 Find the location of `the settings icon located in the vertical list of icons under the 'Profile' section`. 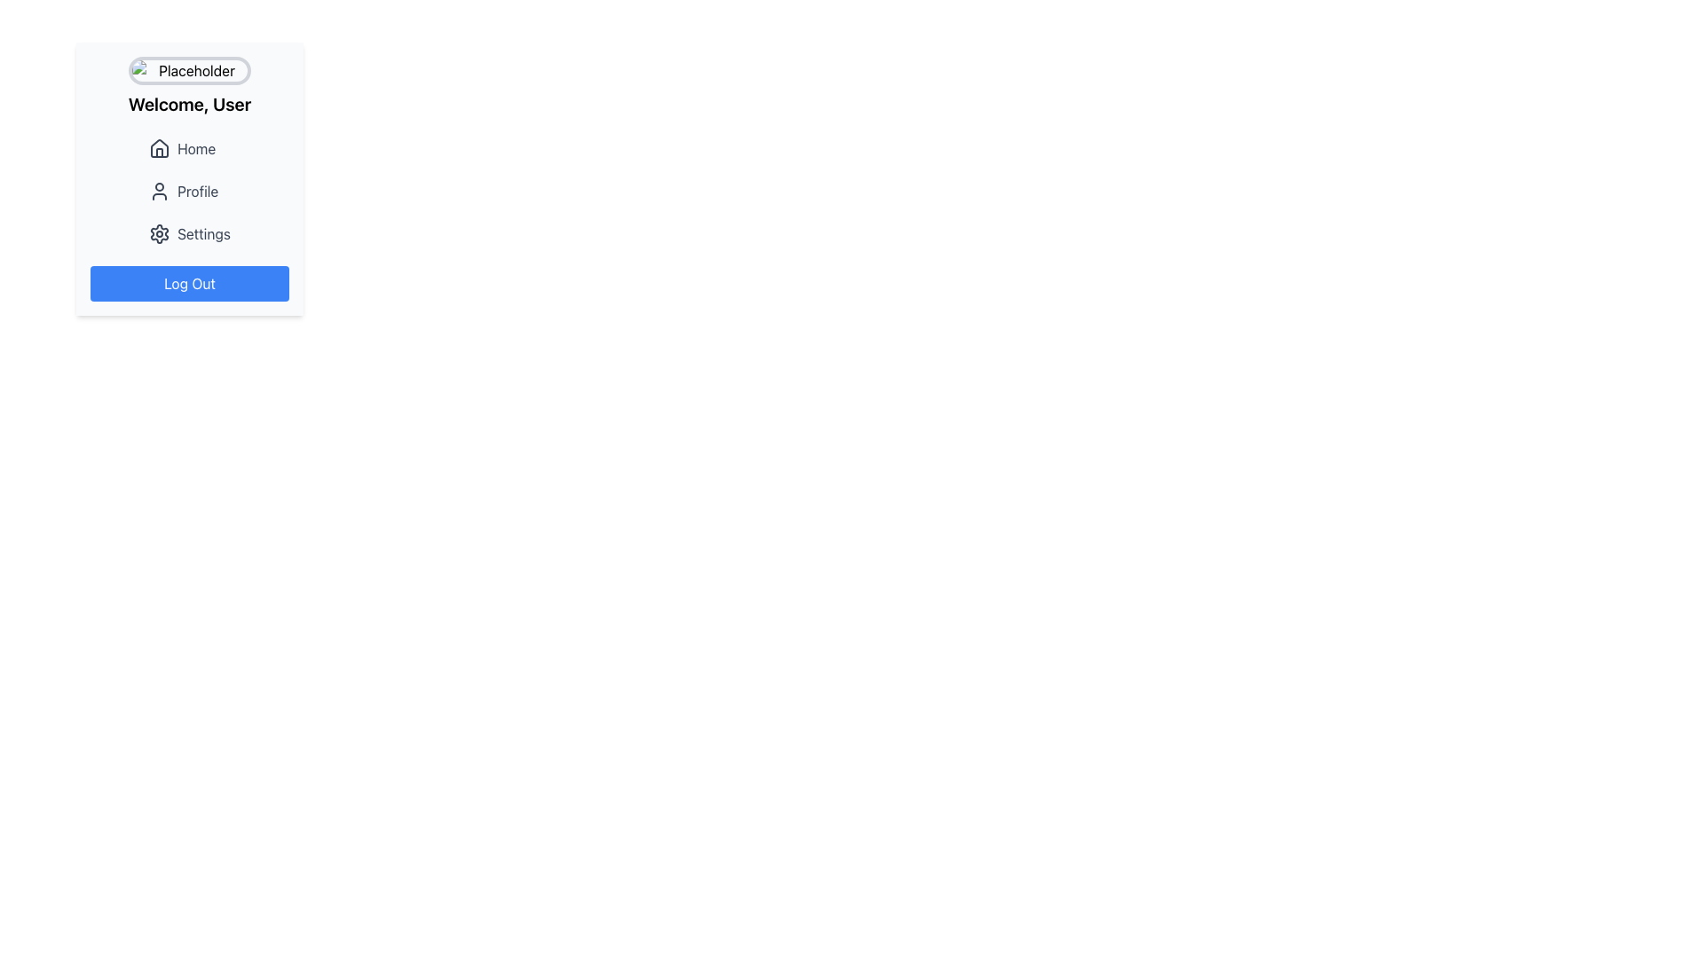

the settings icon located in the vertical list of icons under the 'Profile' section is located at coordinates (160, 232).